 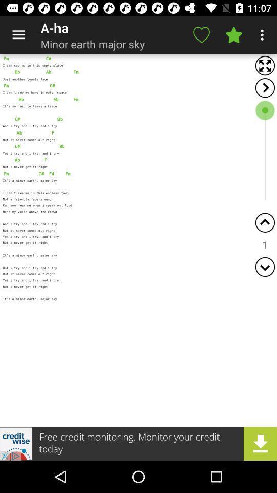 What do you see at coordinates (265, 87) in the screenshot?
I see `the arrow_forward icon` at bounding box center [265, 87].